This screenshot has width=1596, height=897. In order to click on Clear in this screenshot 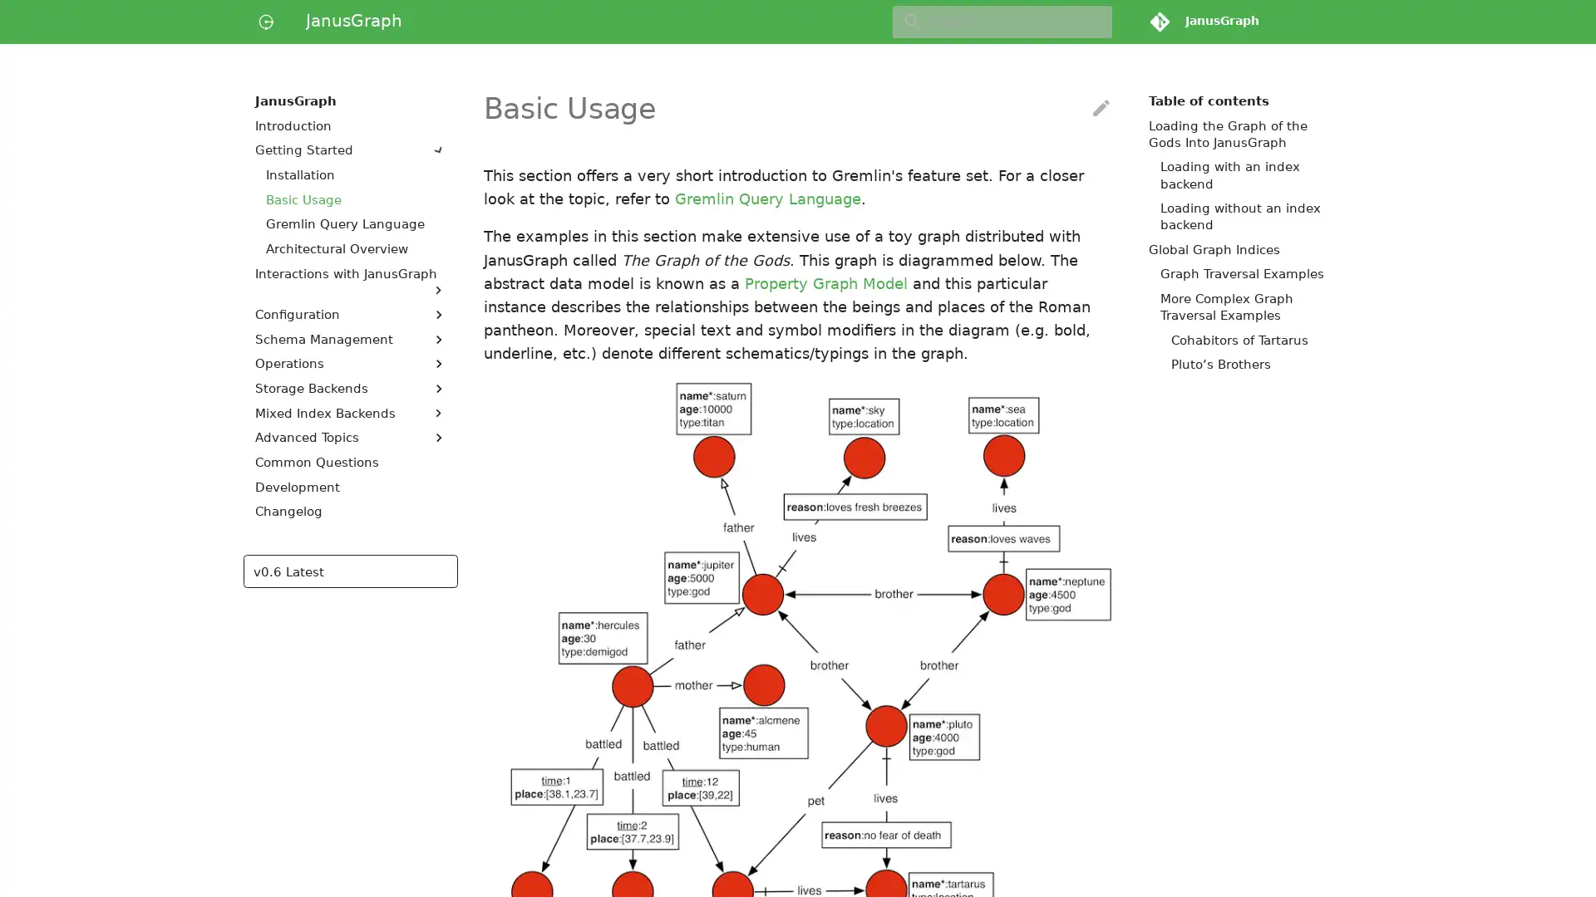, I will do `click(1092, 22)`.